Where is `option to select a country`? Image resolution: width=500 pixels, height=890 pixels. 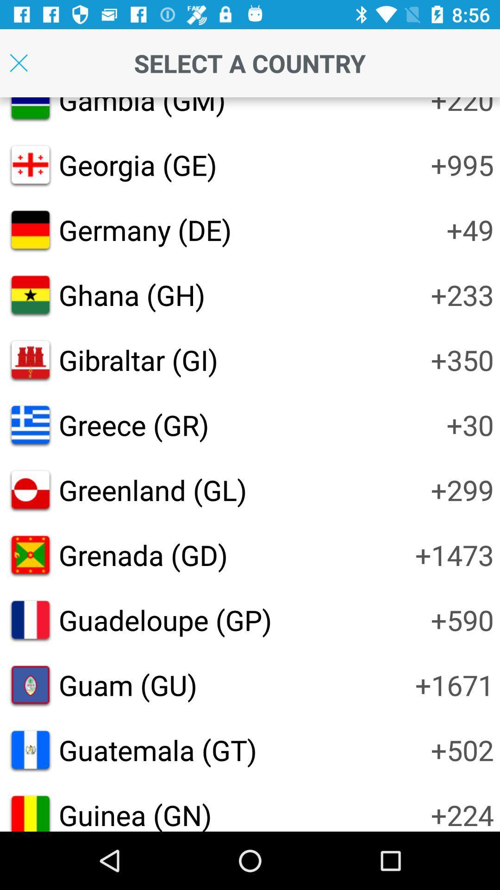 option to select a country is located at coordinates (19, 63).